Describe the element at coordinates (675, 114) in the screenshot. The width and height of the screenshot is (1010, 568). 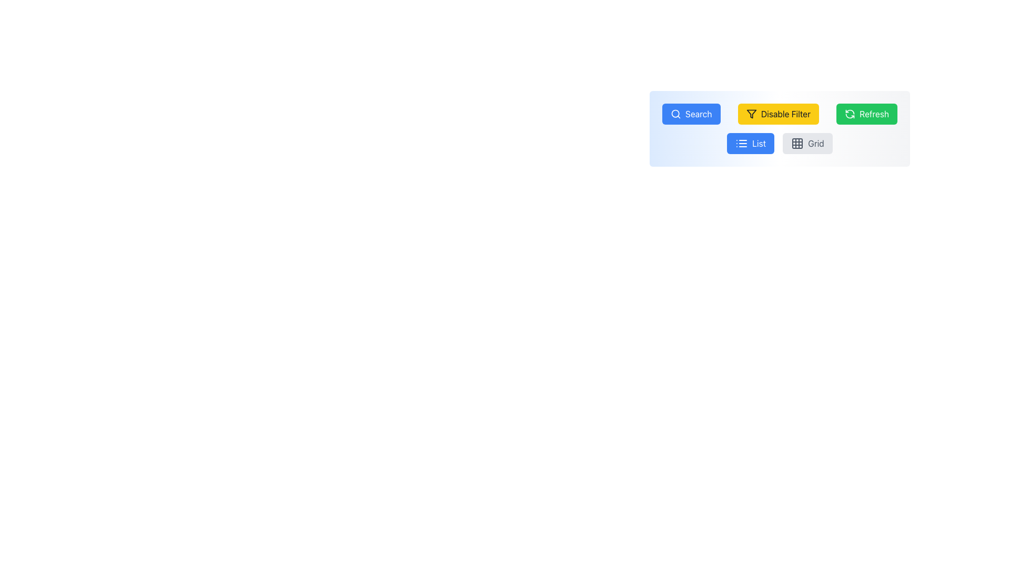
I see `the 'Search' button located in the top-right corner of the interface, which contains a small circle representing the search functionality` at that location.